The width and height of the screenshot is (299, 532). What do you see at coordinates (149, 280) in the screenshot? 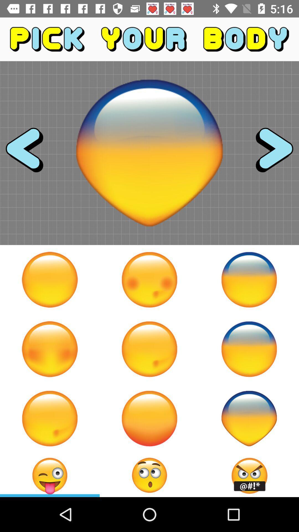
I see `click on the second emoji on the first row` at bounding box center [149, 280].